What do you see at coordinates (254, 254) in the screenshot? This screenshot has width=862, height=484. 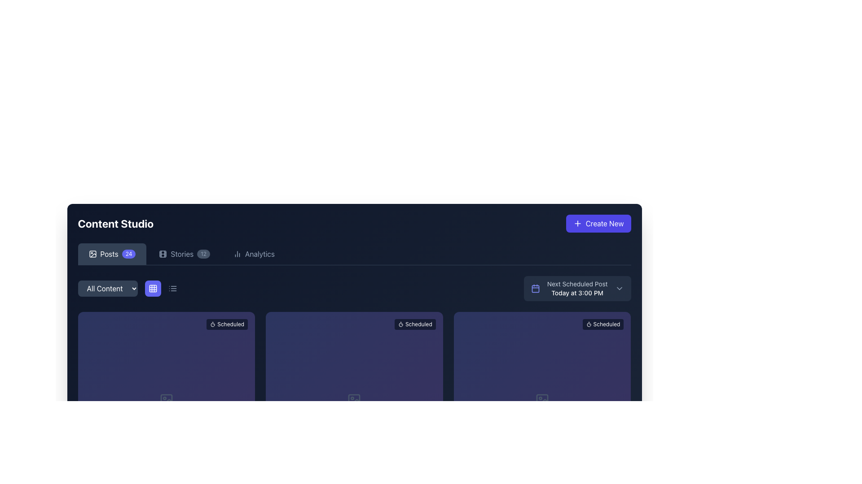 I see `the third navigation tab labeled 'Analytics'` at bounding box center [254, 254].